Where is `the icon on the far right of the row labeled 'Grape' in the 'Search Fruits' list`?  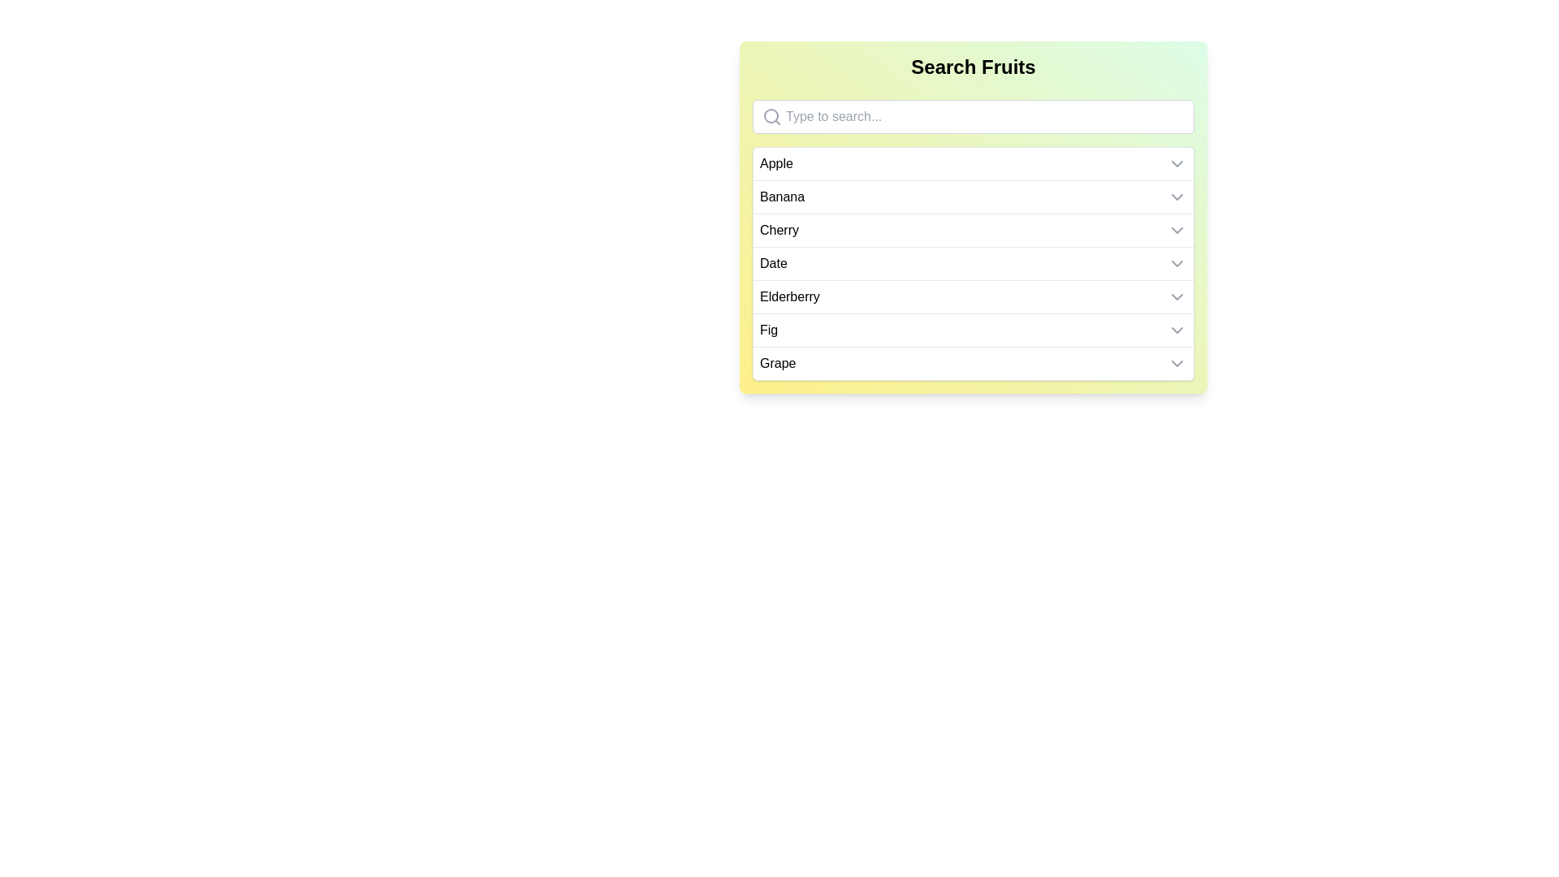
the icon on the far right of the row labeled 'Grape' in the 'Search Fruits' list is located at coordinates (1177, 362).